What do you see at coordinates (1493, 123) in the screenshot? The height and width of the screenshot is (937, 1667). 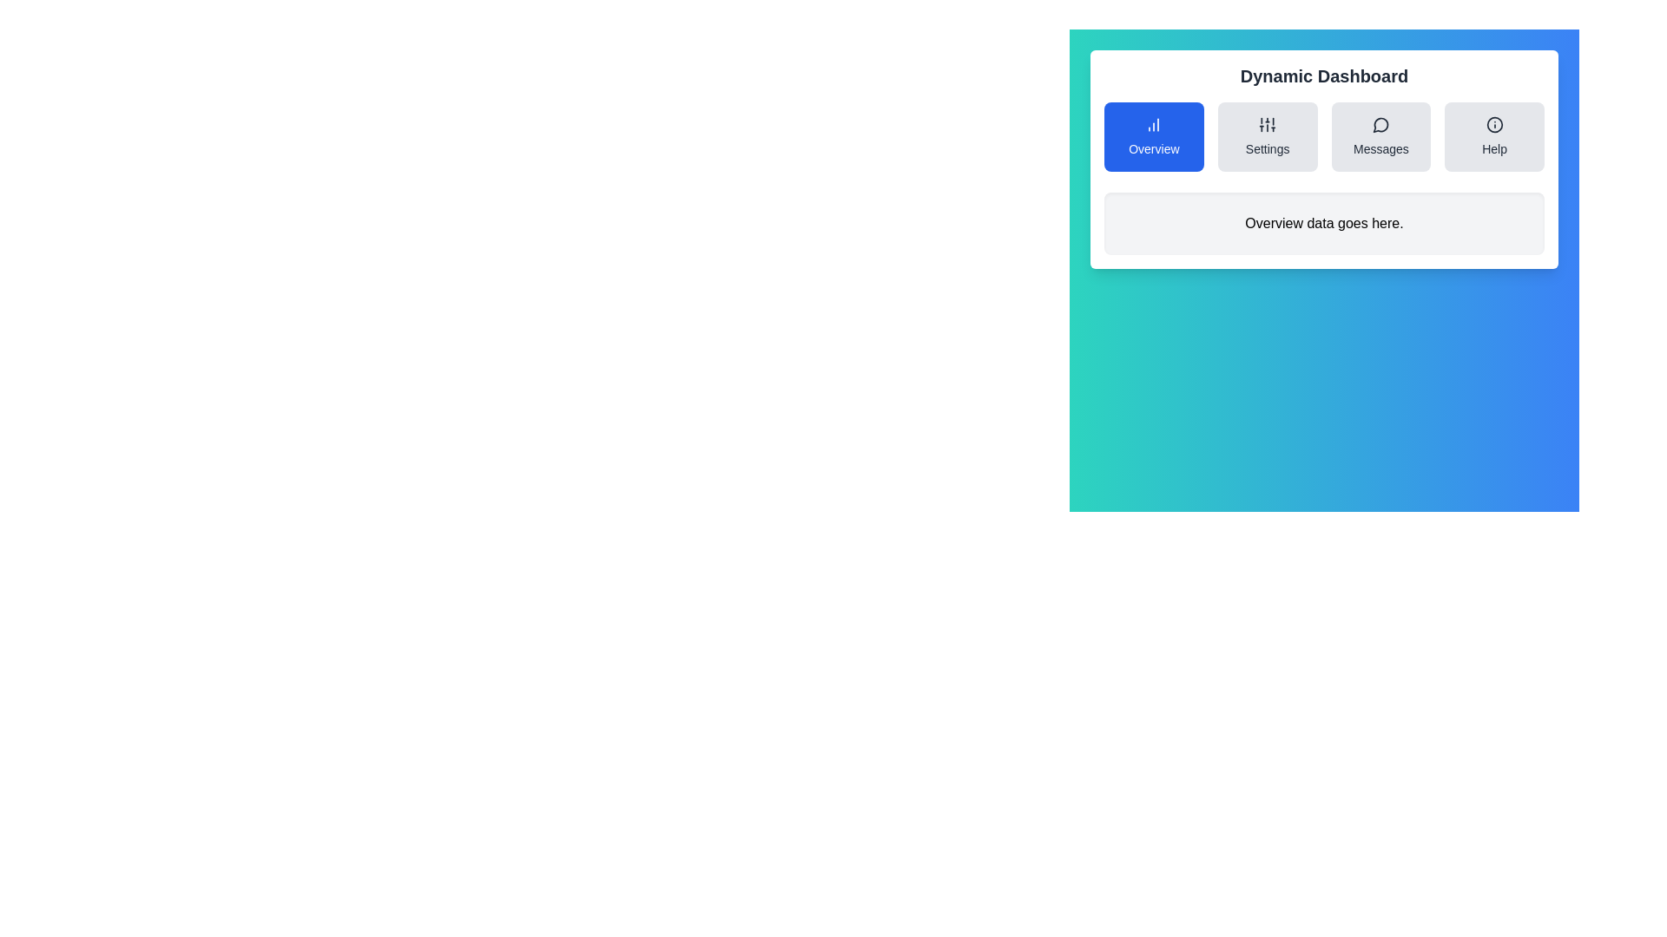 I see `the 'Help' button which contains the SVG info icon, located at the far right of the horizontal navigation bar` at bounding box center [1493, 123].